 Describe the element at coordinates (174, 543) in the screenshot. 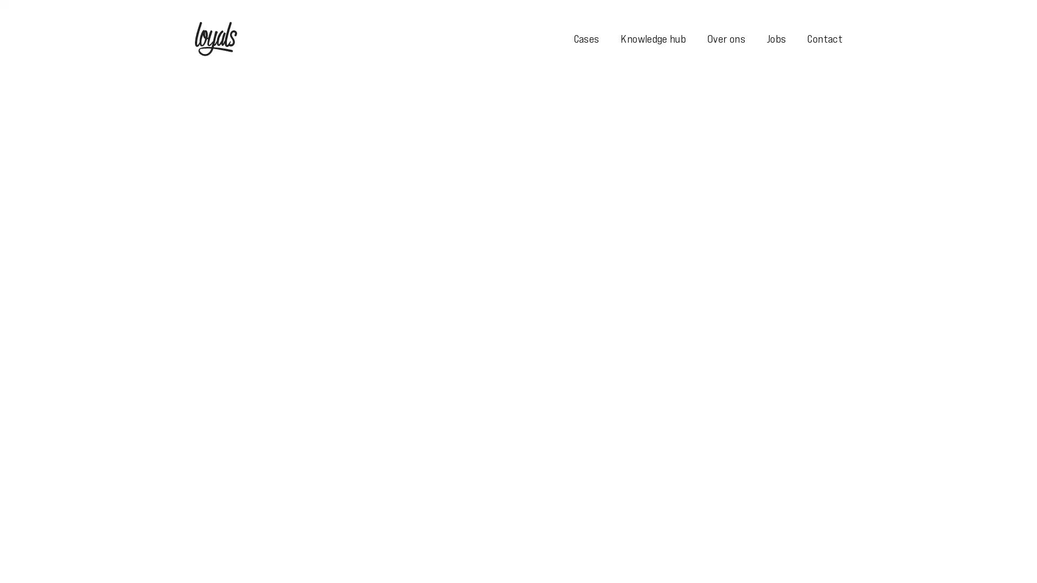

I see `Afwijzen` at that location.